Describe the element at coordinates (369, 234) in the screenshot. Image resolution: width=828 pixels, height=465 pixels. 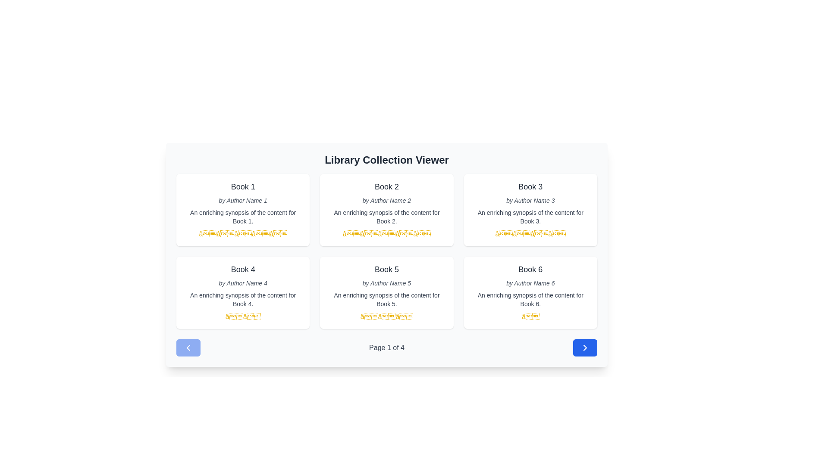
I see `the second star in the five-star rating display located in the second book display card of the Library Collection Viewer interface` at that location.